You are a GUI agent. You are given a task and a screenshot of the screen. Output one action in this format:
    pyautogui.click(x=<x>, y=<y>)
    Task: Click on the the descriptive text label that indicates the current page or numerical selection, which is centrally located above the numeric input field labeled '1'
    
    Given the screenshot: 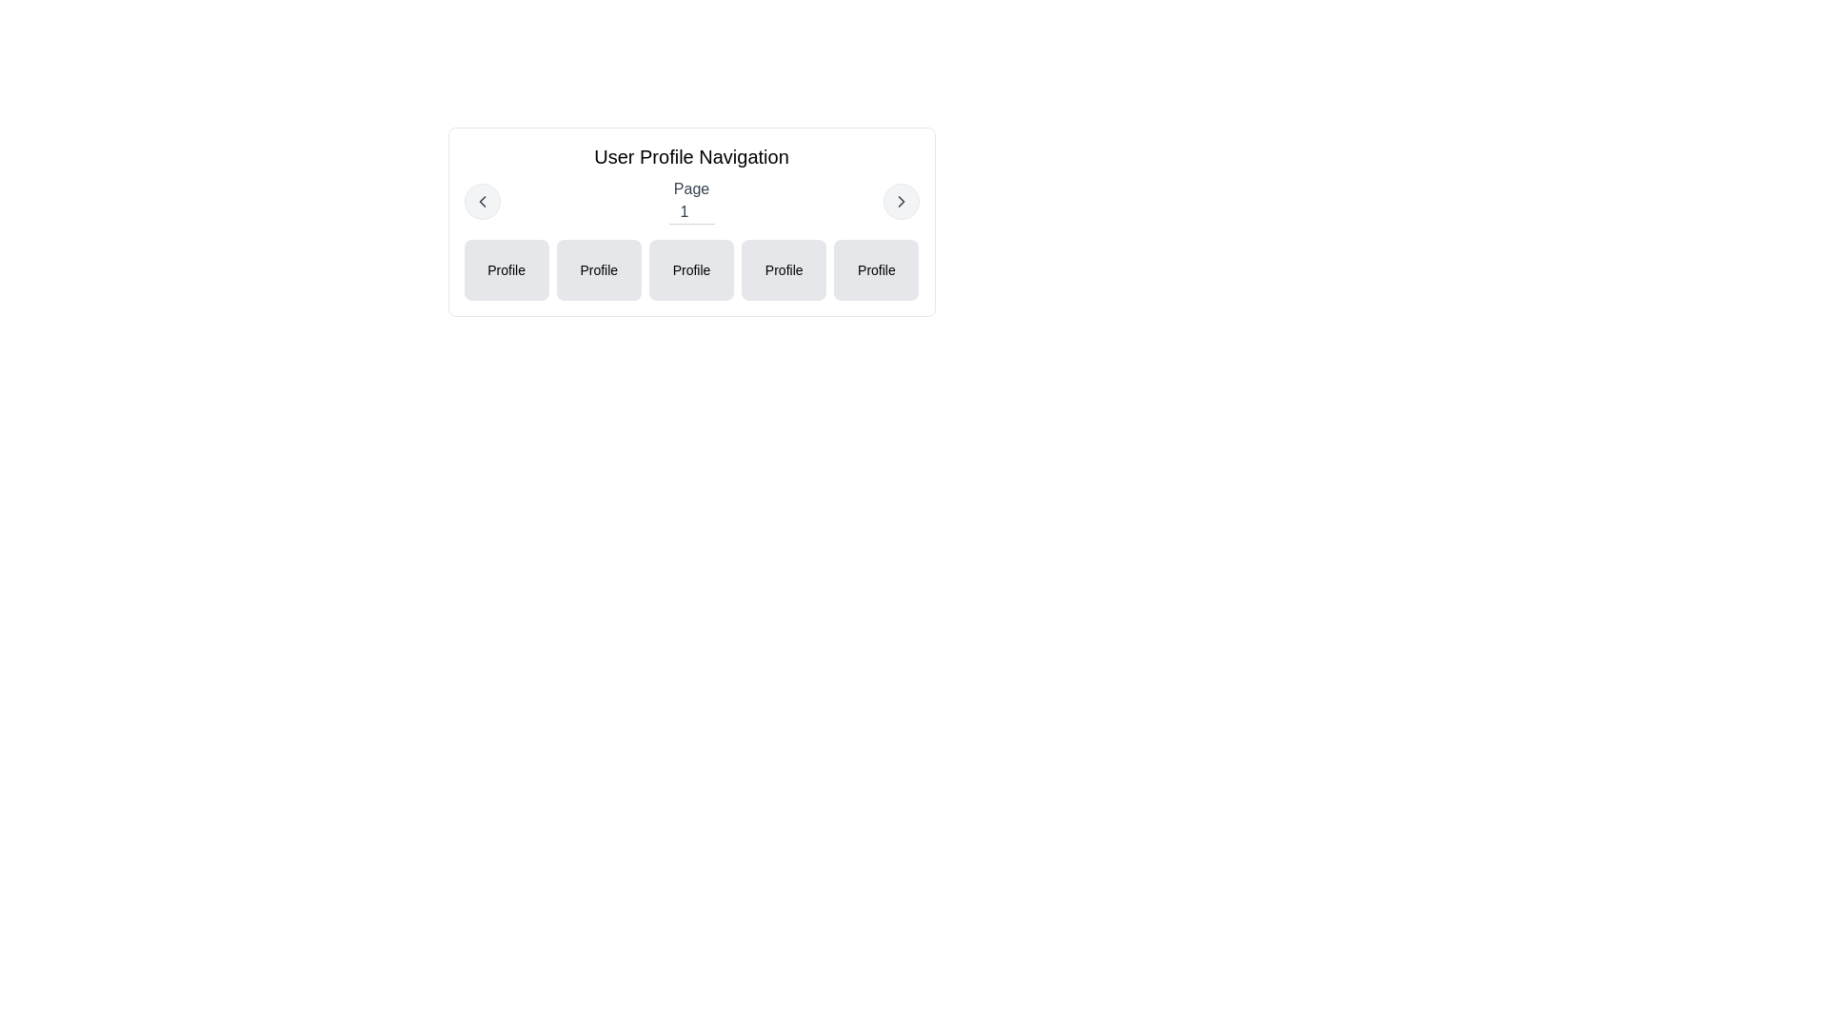 What is the action you would take?
    pyautogui.click(x=690, y=189)
    